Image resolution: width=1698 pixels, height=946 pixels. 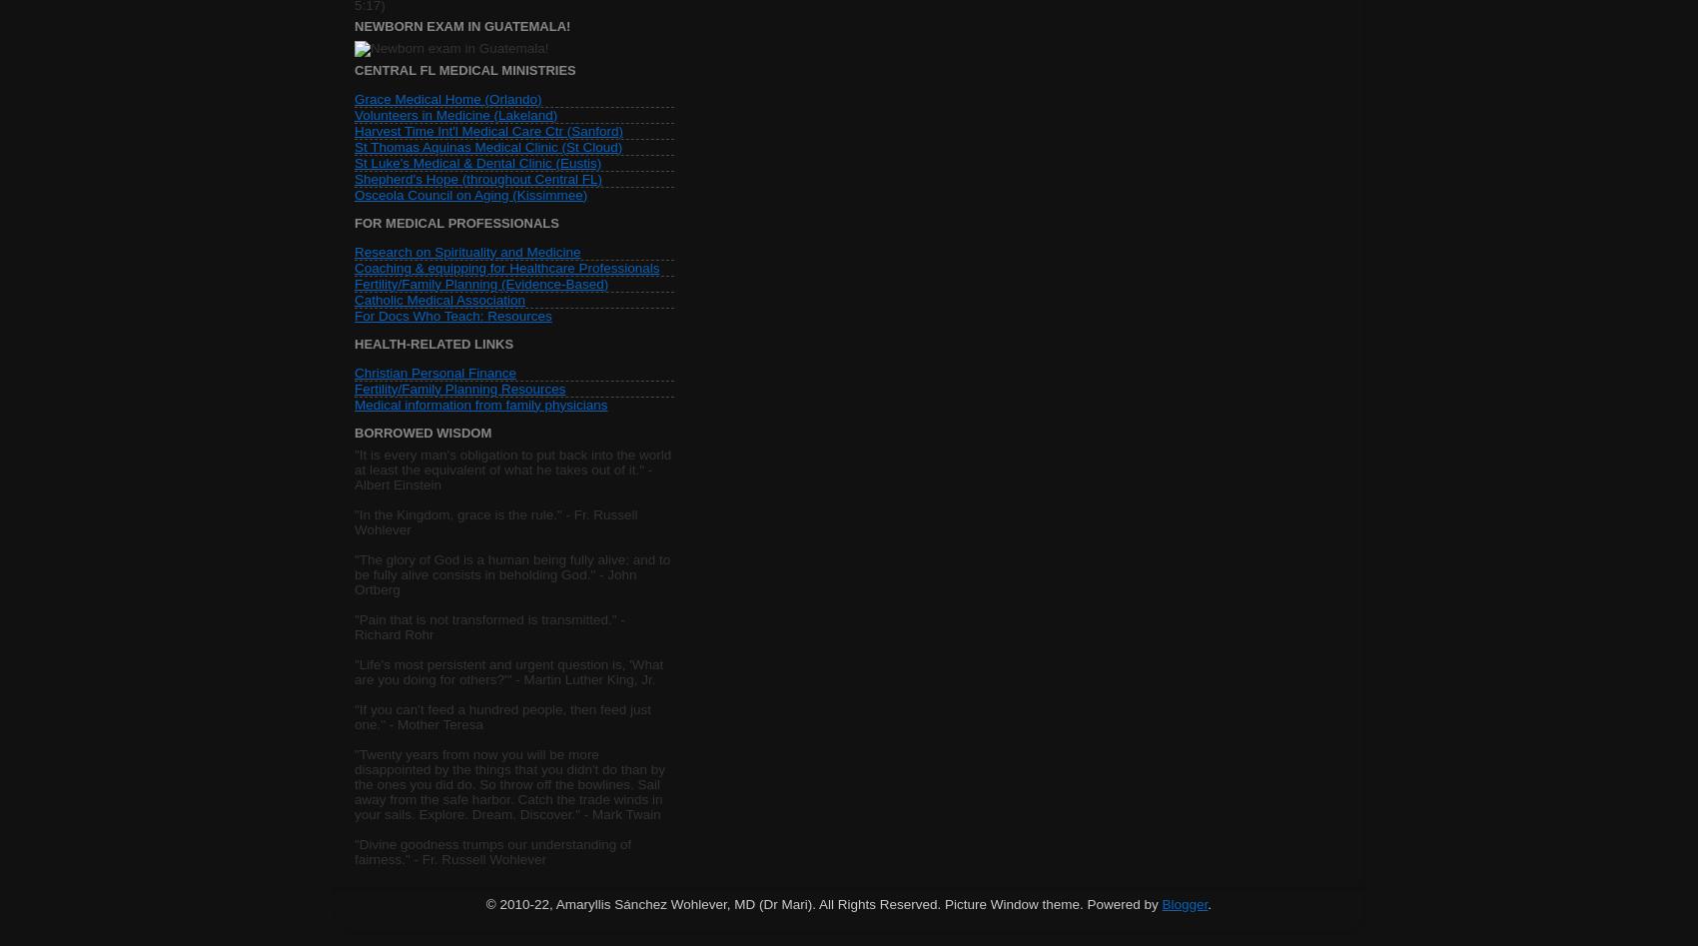 I want to click on '"The glory of God is a human being fully alive; and to be fully alive consists in beholding God." - John Ortberg', so click(x=512, y=573).